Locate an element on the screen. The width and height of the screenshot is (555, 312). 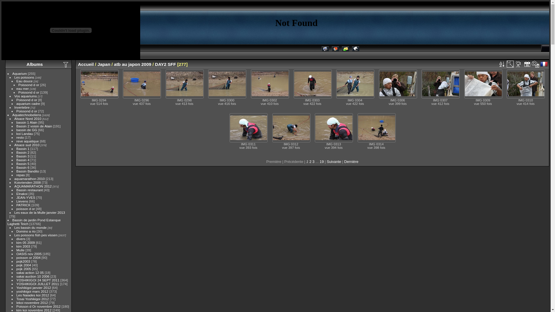
'IMG 0302 (410 visites)' is located at coordinates (270, 84).